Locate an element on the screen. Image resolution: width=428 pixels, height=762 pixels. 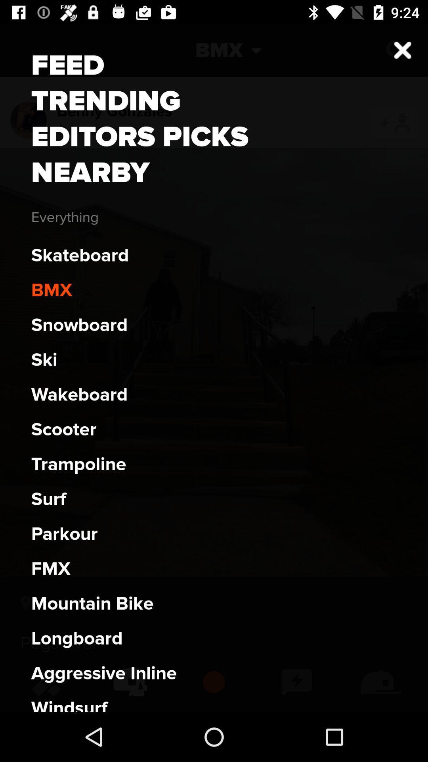
the expand_more icon is located at coordinates (262, 50).